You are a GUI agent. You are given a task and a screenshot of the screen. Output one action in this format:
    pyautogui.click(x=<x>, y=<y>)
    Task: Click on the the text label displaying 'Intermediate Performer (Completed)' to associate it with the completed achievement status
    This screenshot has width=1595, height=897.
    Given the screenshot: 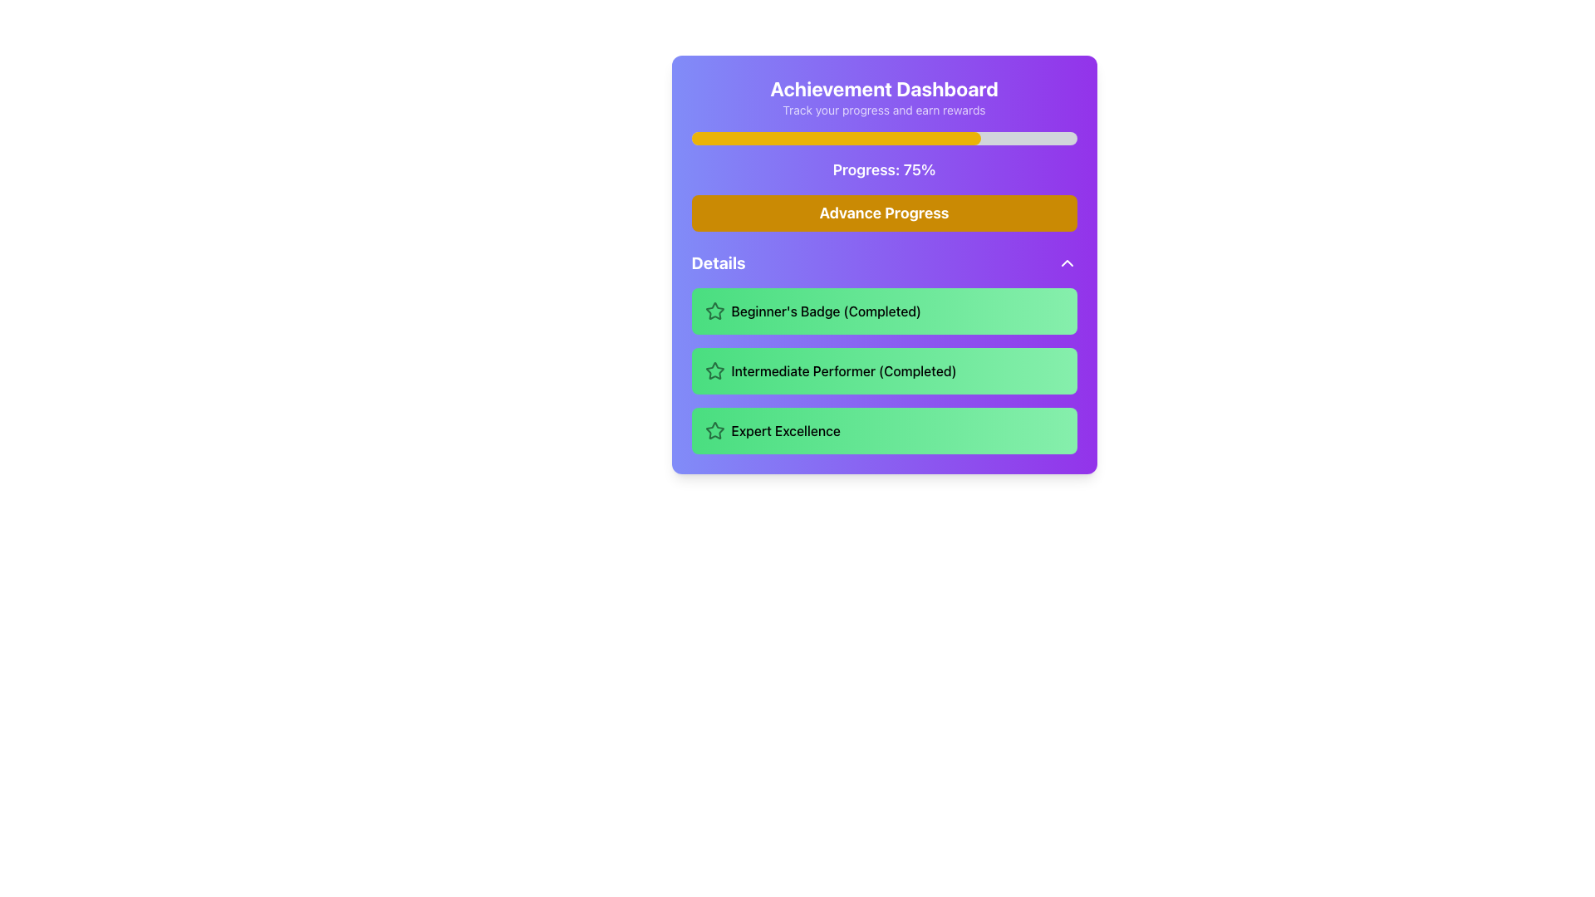 What is the action you would take?
    pyautogui.click(x=883, y=370)
    